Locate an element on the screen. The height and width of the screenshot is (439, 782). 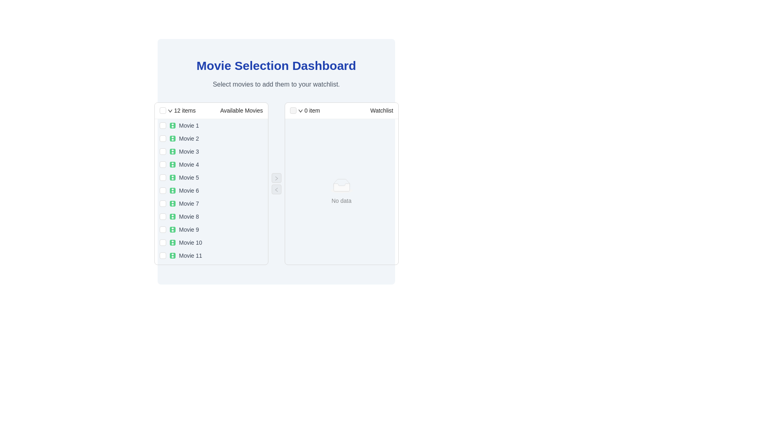
the checkbox for 'Movie 7' in the 'Available Movies' section is located at coordinates (163, 203).